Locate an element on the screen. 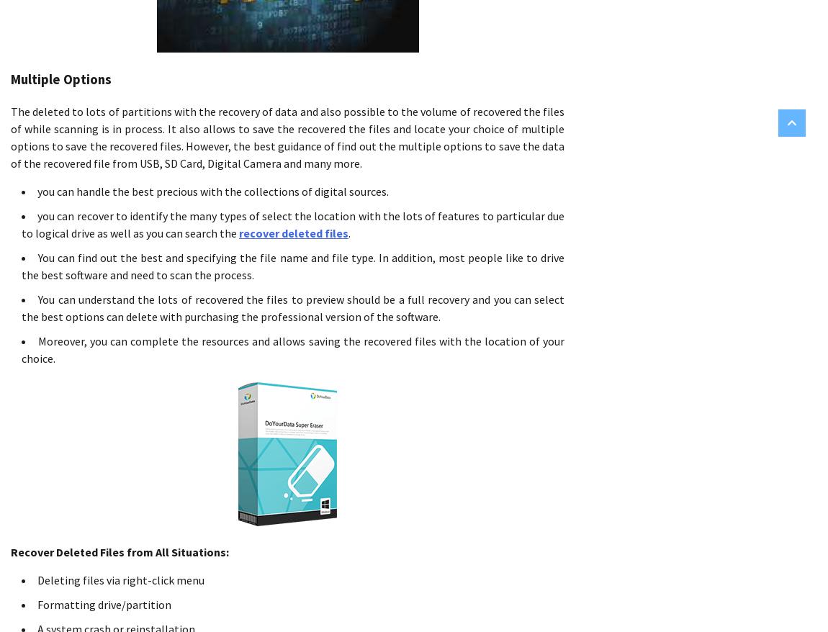 The image size is (828, 632). 'Multiple Options' is located at coordinates (60, 78).